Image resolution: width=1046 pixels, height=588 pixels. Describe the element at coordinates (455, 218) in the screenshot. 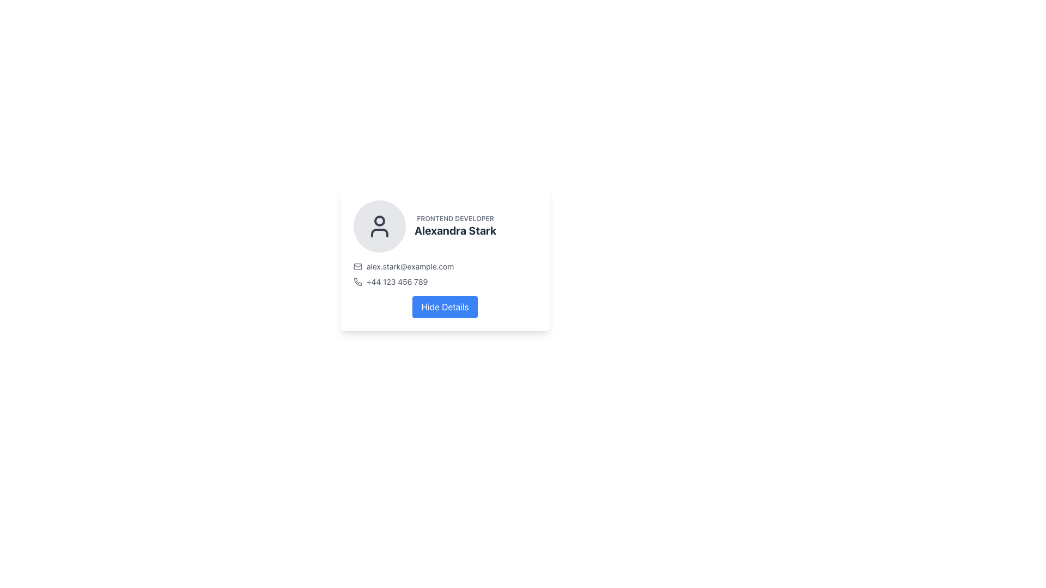

I see `the text label indicating the user's role as 'Frontend Developer' located at the top of the profile card interface, above the name 'Alexandra Stark'` at that location.